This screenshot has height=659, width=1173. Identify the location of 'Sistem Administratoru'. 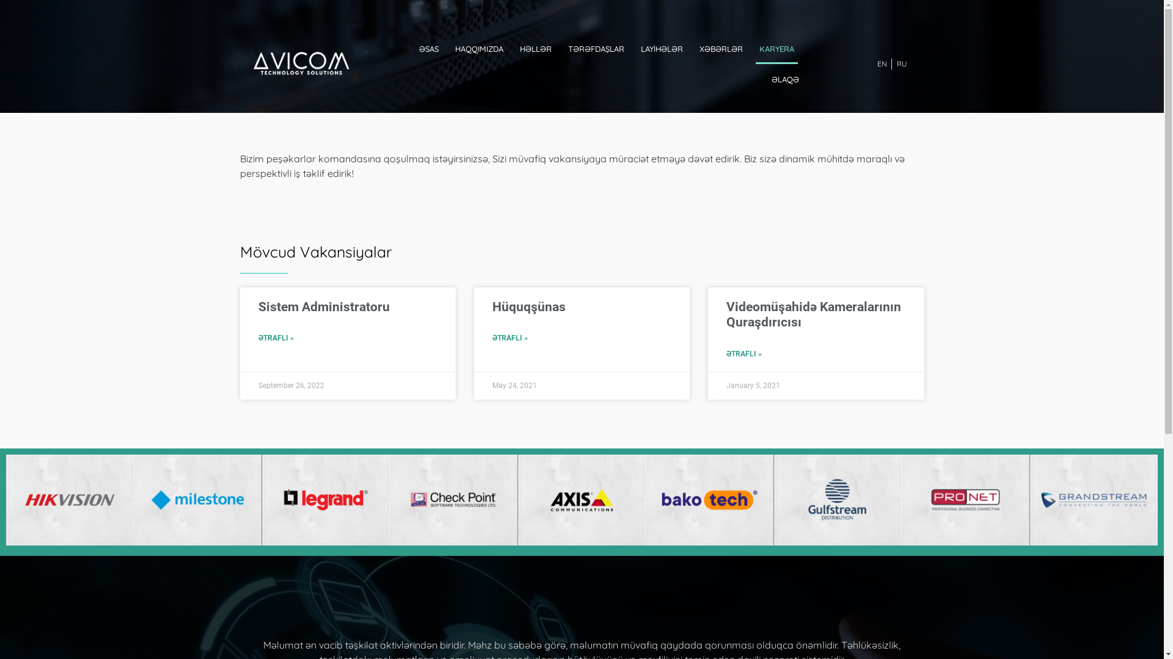
(323, 306).